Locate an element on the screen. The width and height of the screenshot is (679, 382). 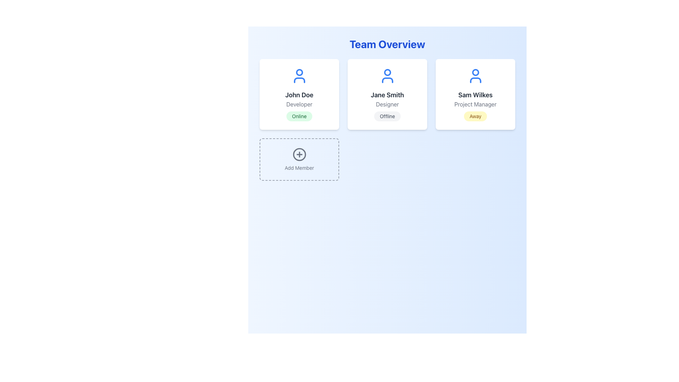
the interactive button located in the lower-left corner of the grid layout is located at coordinates (299, 160).